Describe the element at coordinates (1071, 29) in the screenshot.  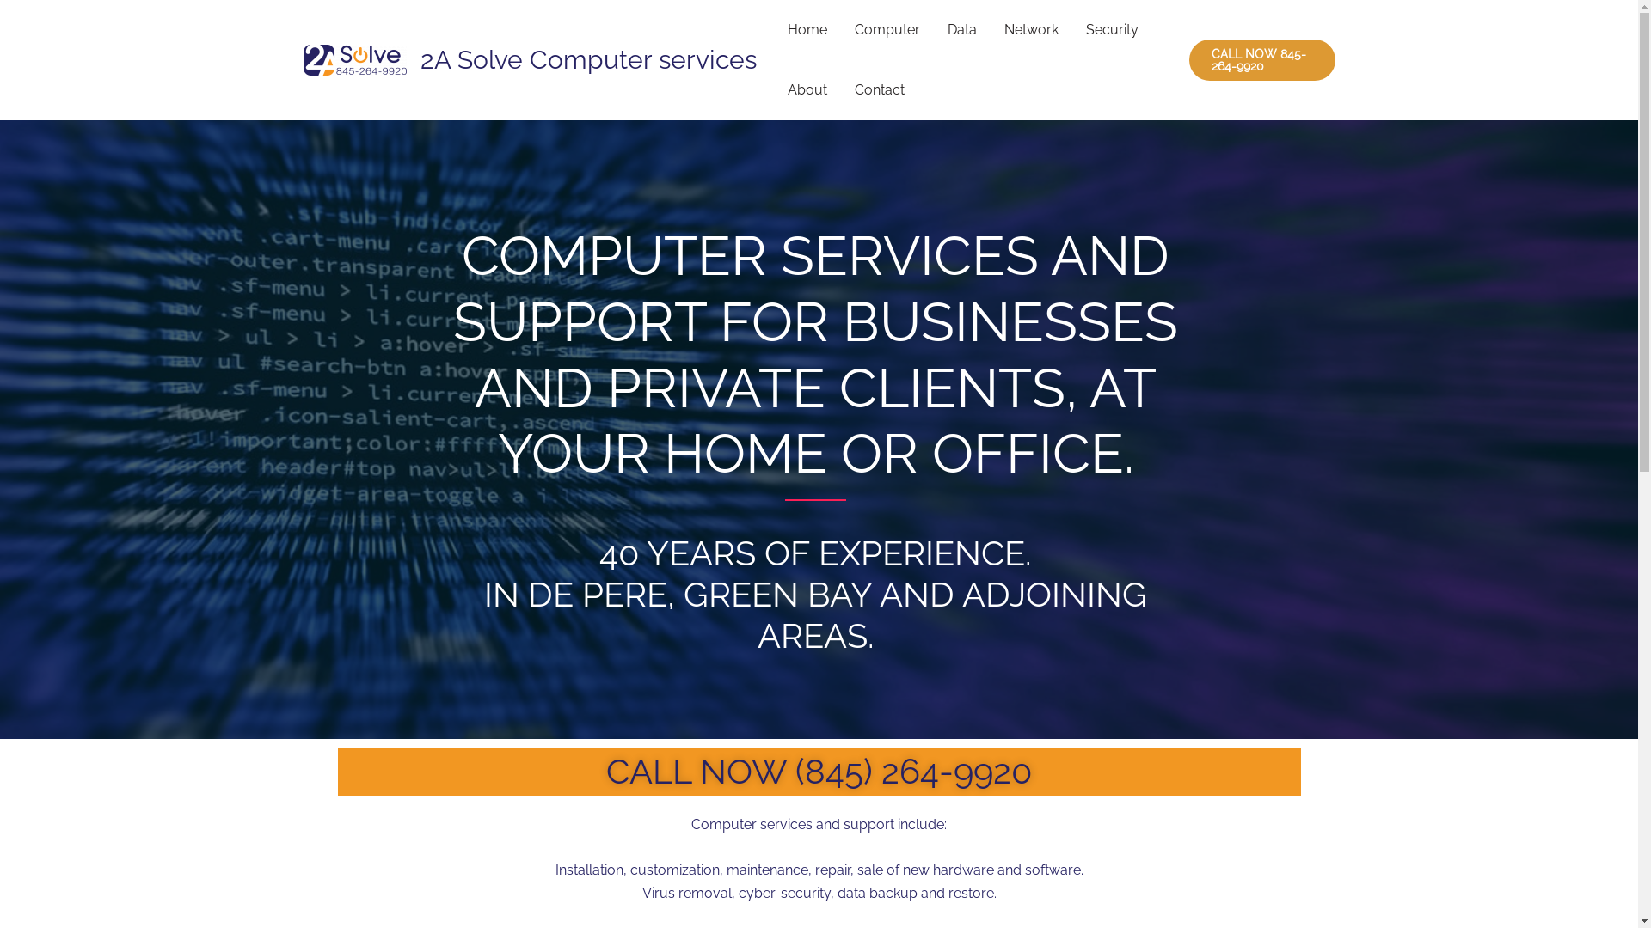
I see `'Security'` at that location.